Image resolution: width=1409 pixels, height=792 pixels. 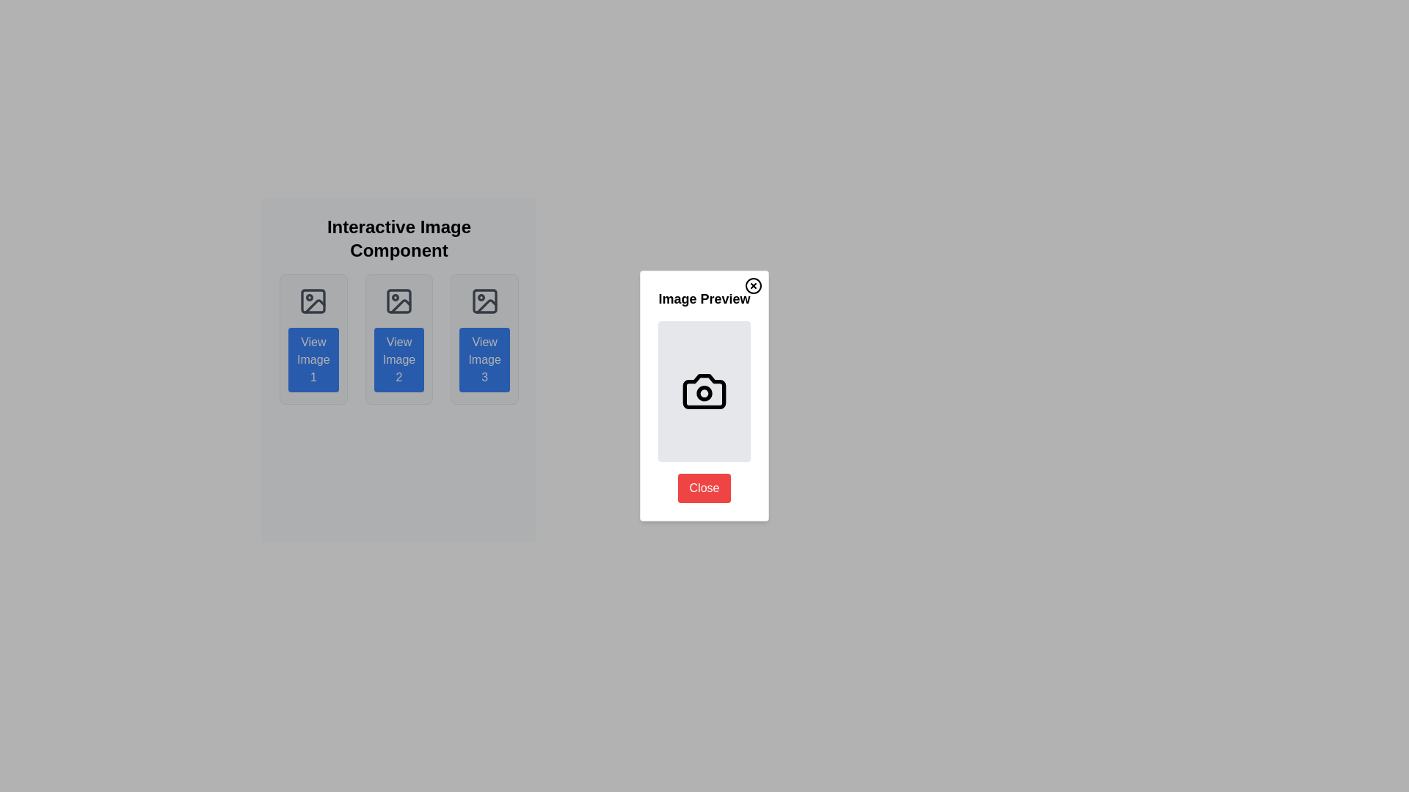 What do you see at coordinates (398, 359) in the screenshot?
I see `the 'View Image 2' button with a blue background and white text, located` at bounding box center [398, 359].